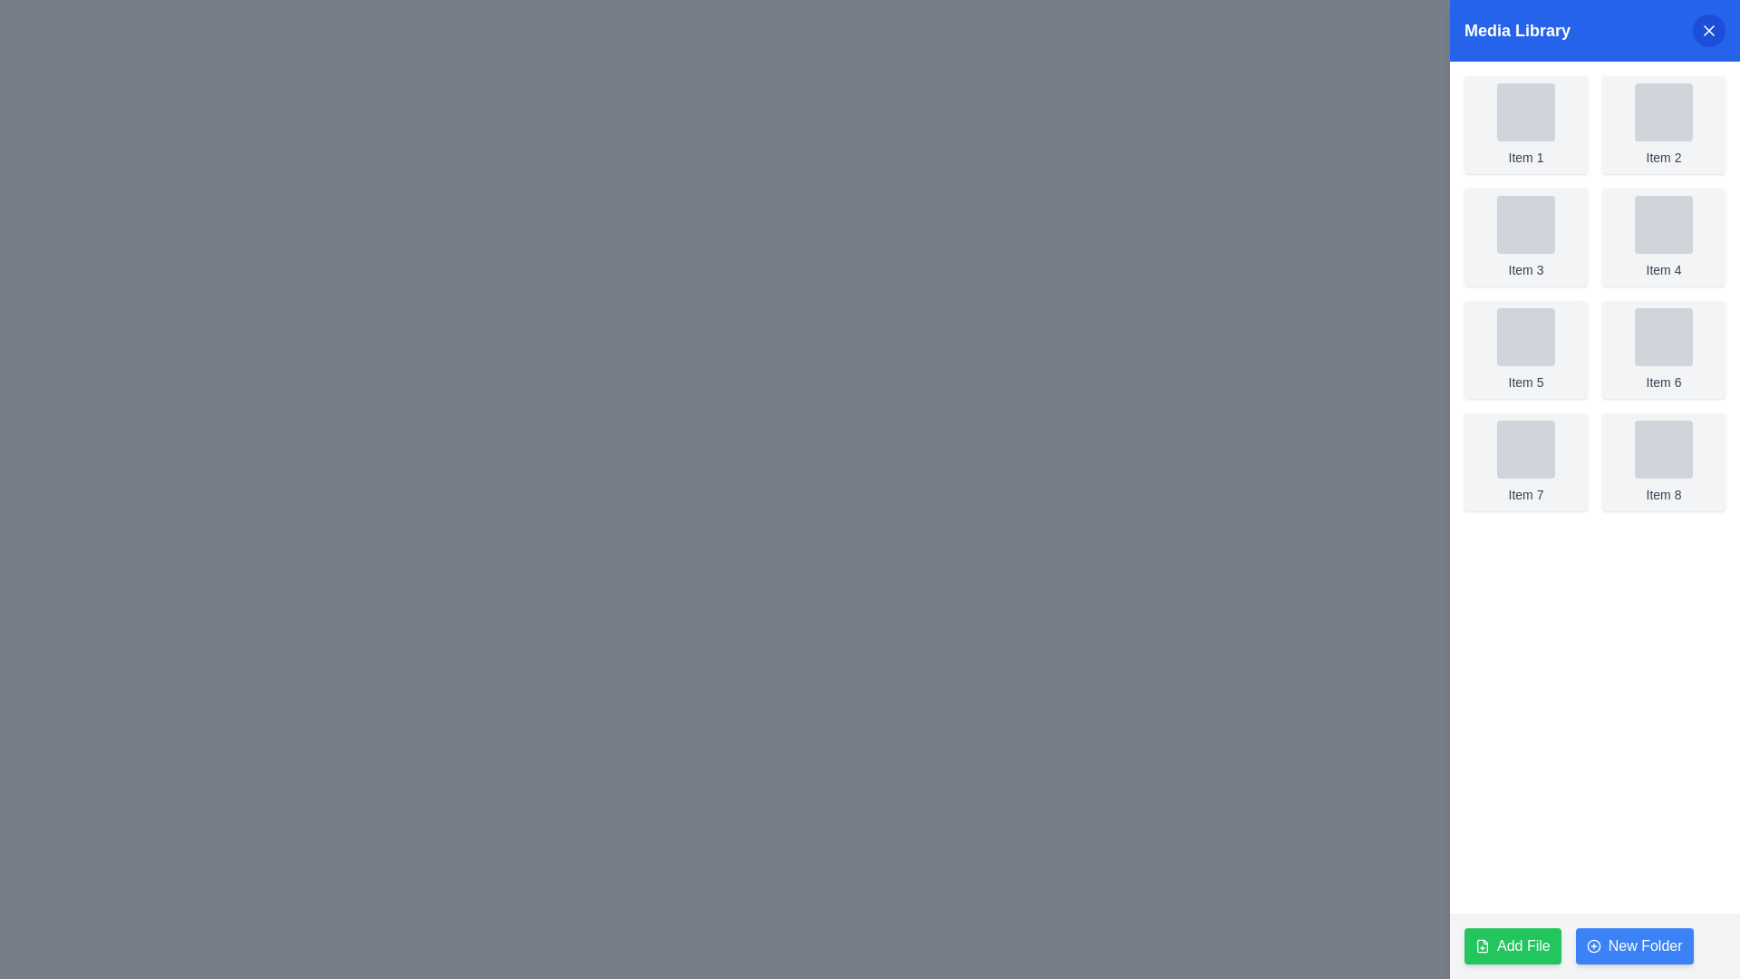  I want to click on the close button located at the top-right corner of the 'Media Library' header, so click(1708, 31).